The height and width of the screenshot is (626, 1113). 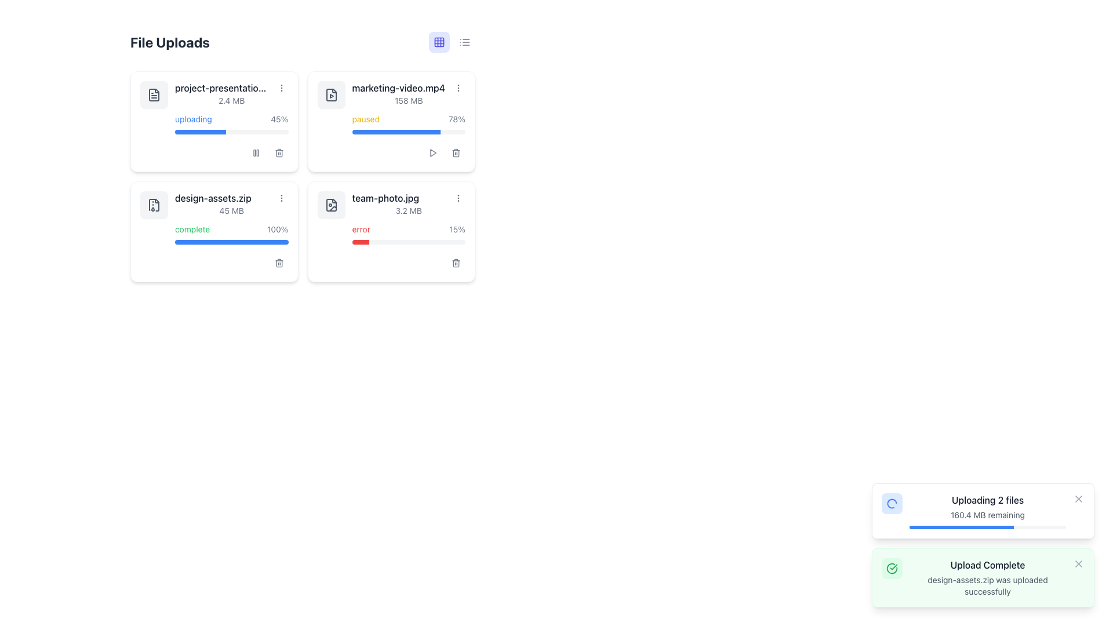 What do you see at coordinates (153, 94) in the screenshot?
I see `the file icon representing the 'project-presentation' within the upload card, which has a rectangular shape with a folded corner at the top right, located in the top-left quadrant of the grid layout` at bounding box center [153, 94].